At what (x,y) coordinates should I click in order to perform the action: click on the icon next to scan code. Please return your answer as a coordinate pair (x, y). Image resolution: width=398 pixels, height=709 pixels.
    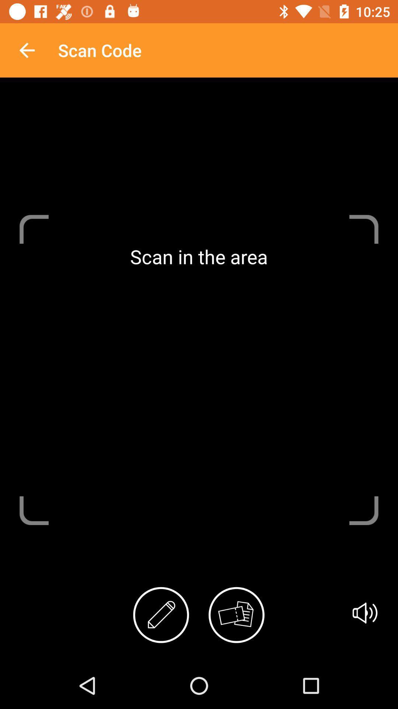
    Looking at the image, I should click on (27, 50).